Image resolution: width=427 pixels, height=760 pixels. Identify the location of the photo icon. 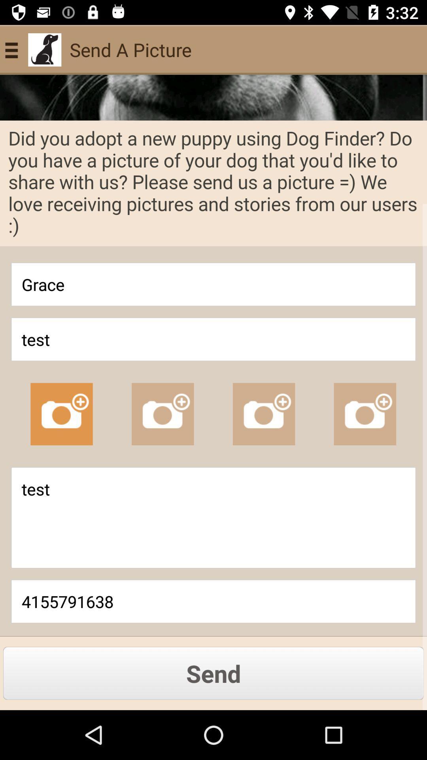
(365, 414).